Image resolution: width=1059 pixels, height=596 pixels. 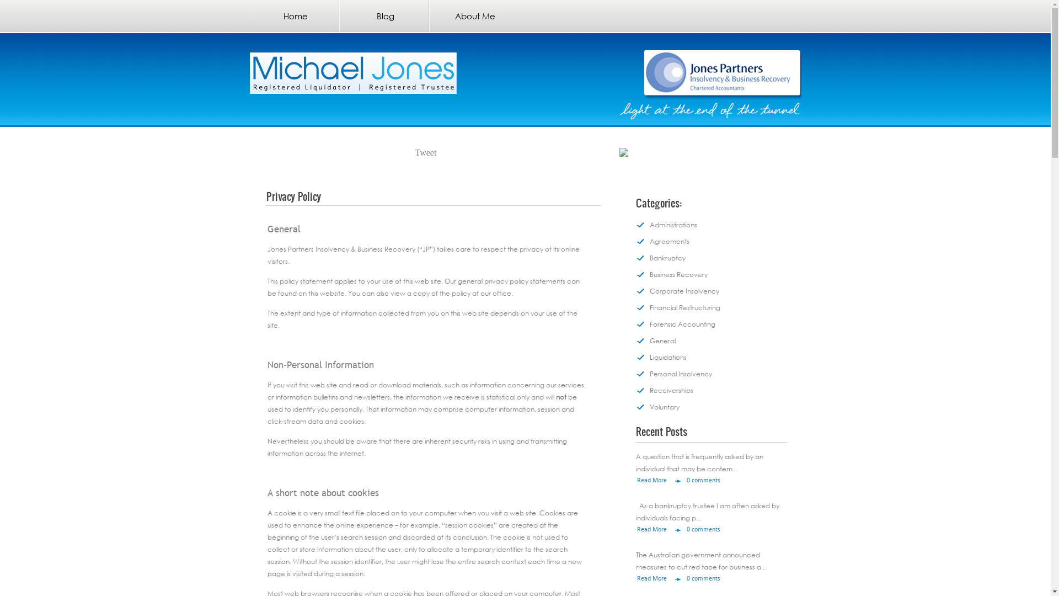 What do you see at coordinates (293, 199) in the screenshot?
I see `'Privacy Policy'` at bounding box center [293, 199].